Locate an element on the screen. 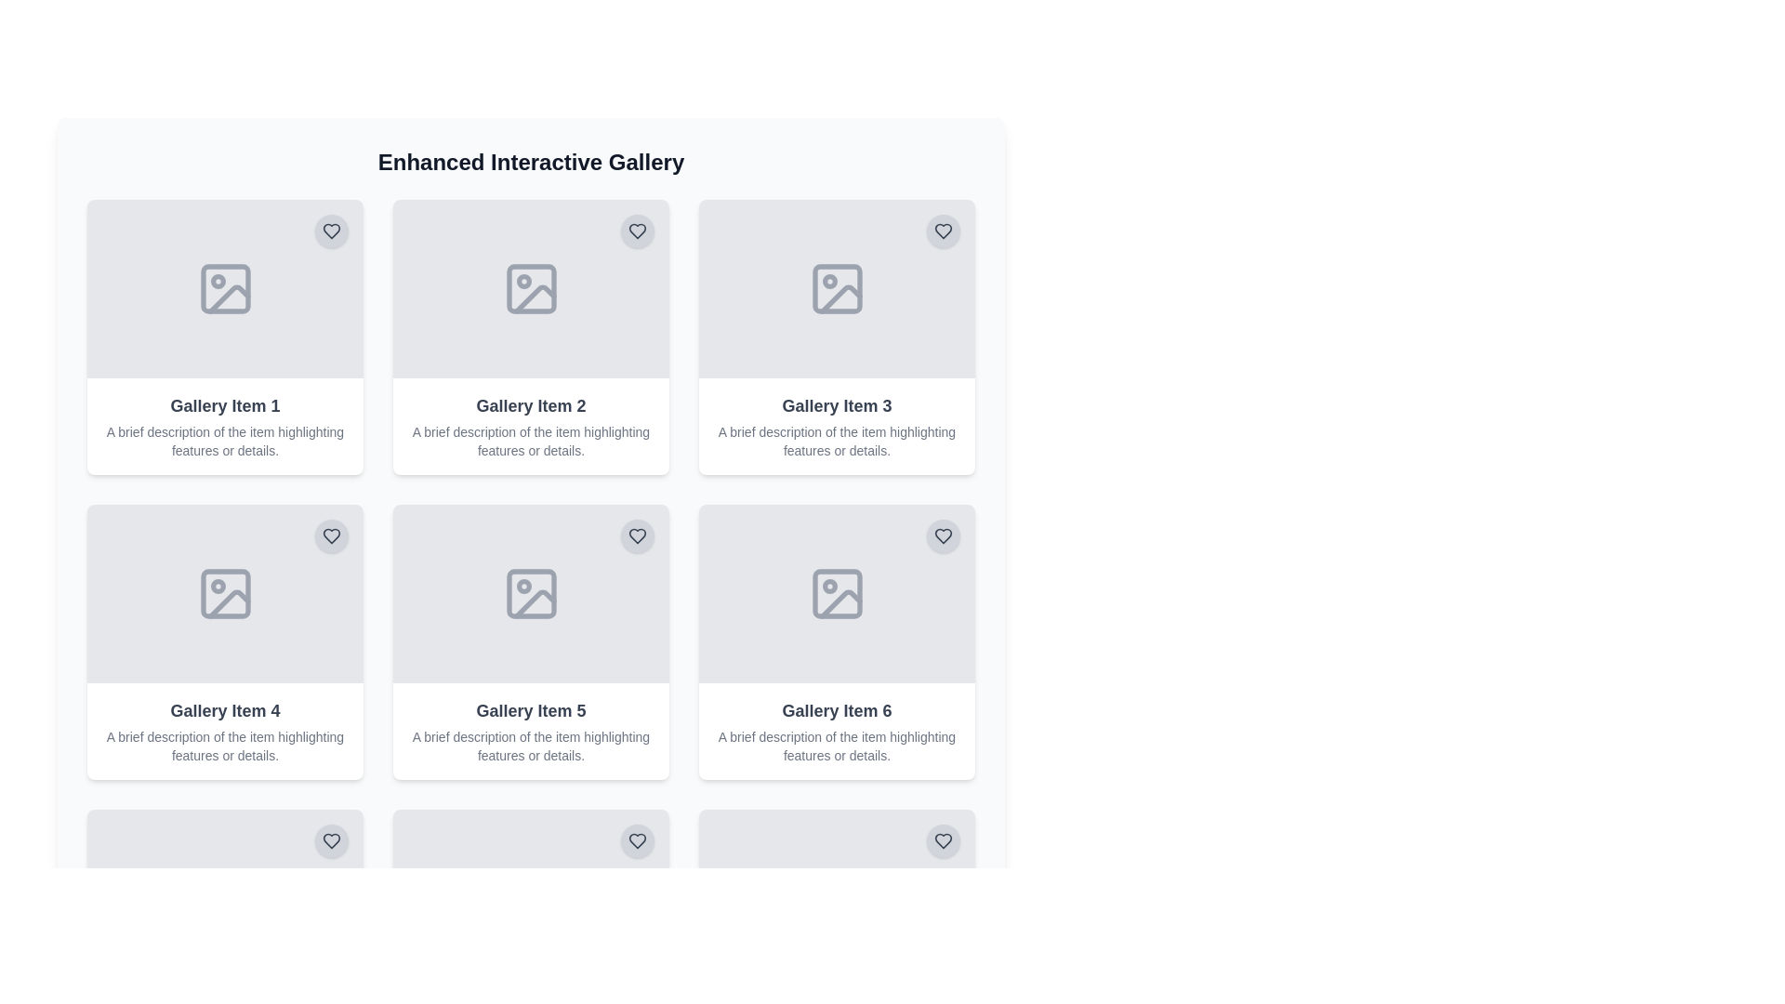  the heart-shaped icon in the top-right corner of the panel for 'Gallery Item 1', which is outlined in gray and commonly associated with likes or favorites is located at coordinates (331, 231).